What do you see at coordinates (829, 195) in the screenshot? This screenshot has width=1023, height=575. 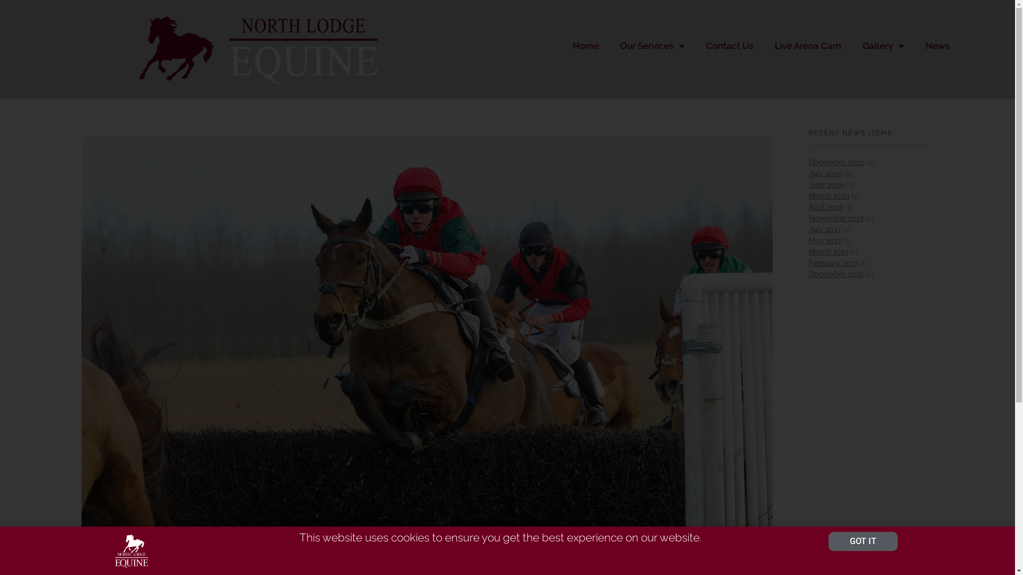 I see `'March 2020'` at bounding box center [829, 195].